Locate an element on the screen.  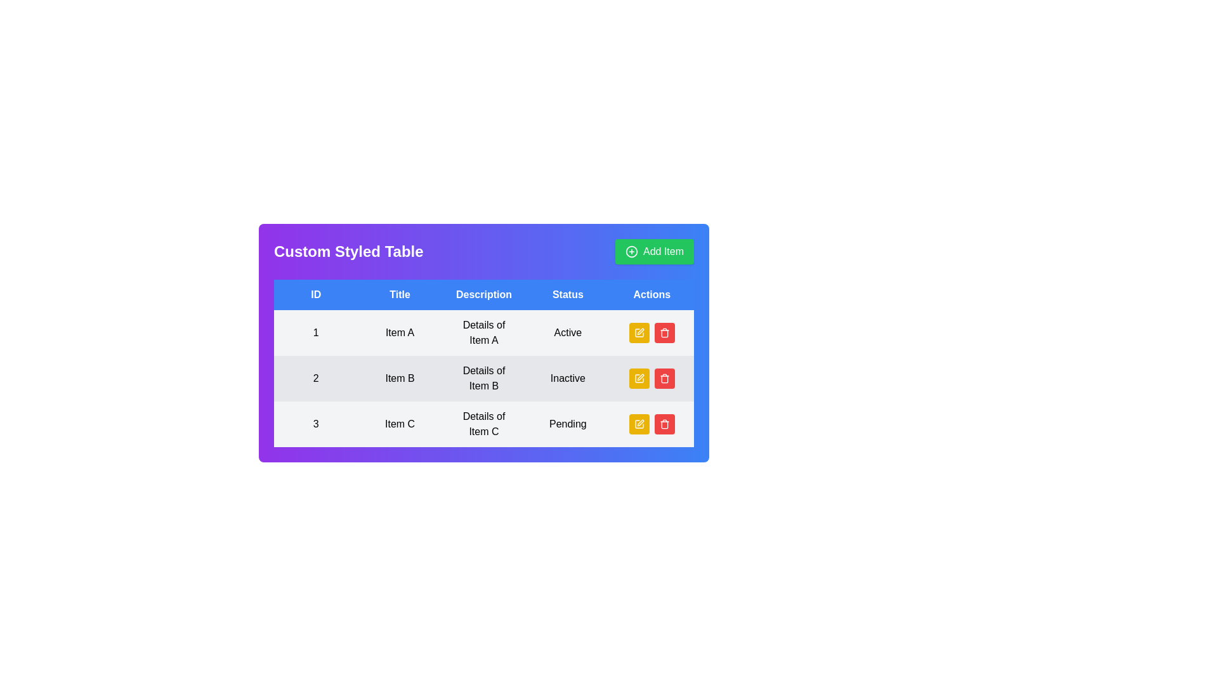
the 'Actions' text label with a blue background located in the header row of the table, positioned to the far right after the 'Status' column header is located at coordinates (652, 295).